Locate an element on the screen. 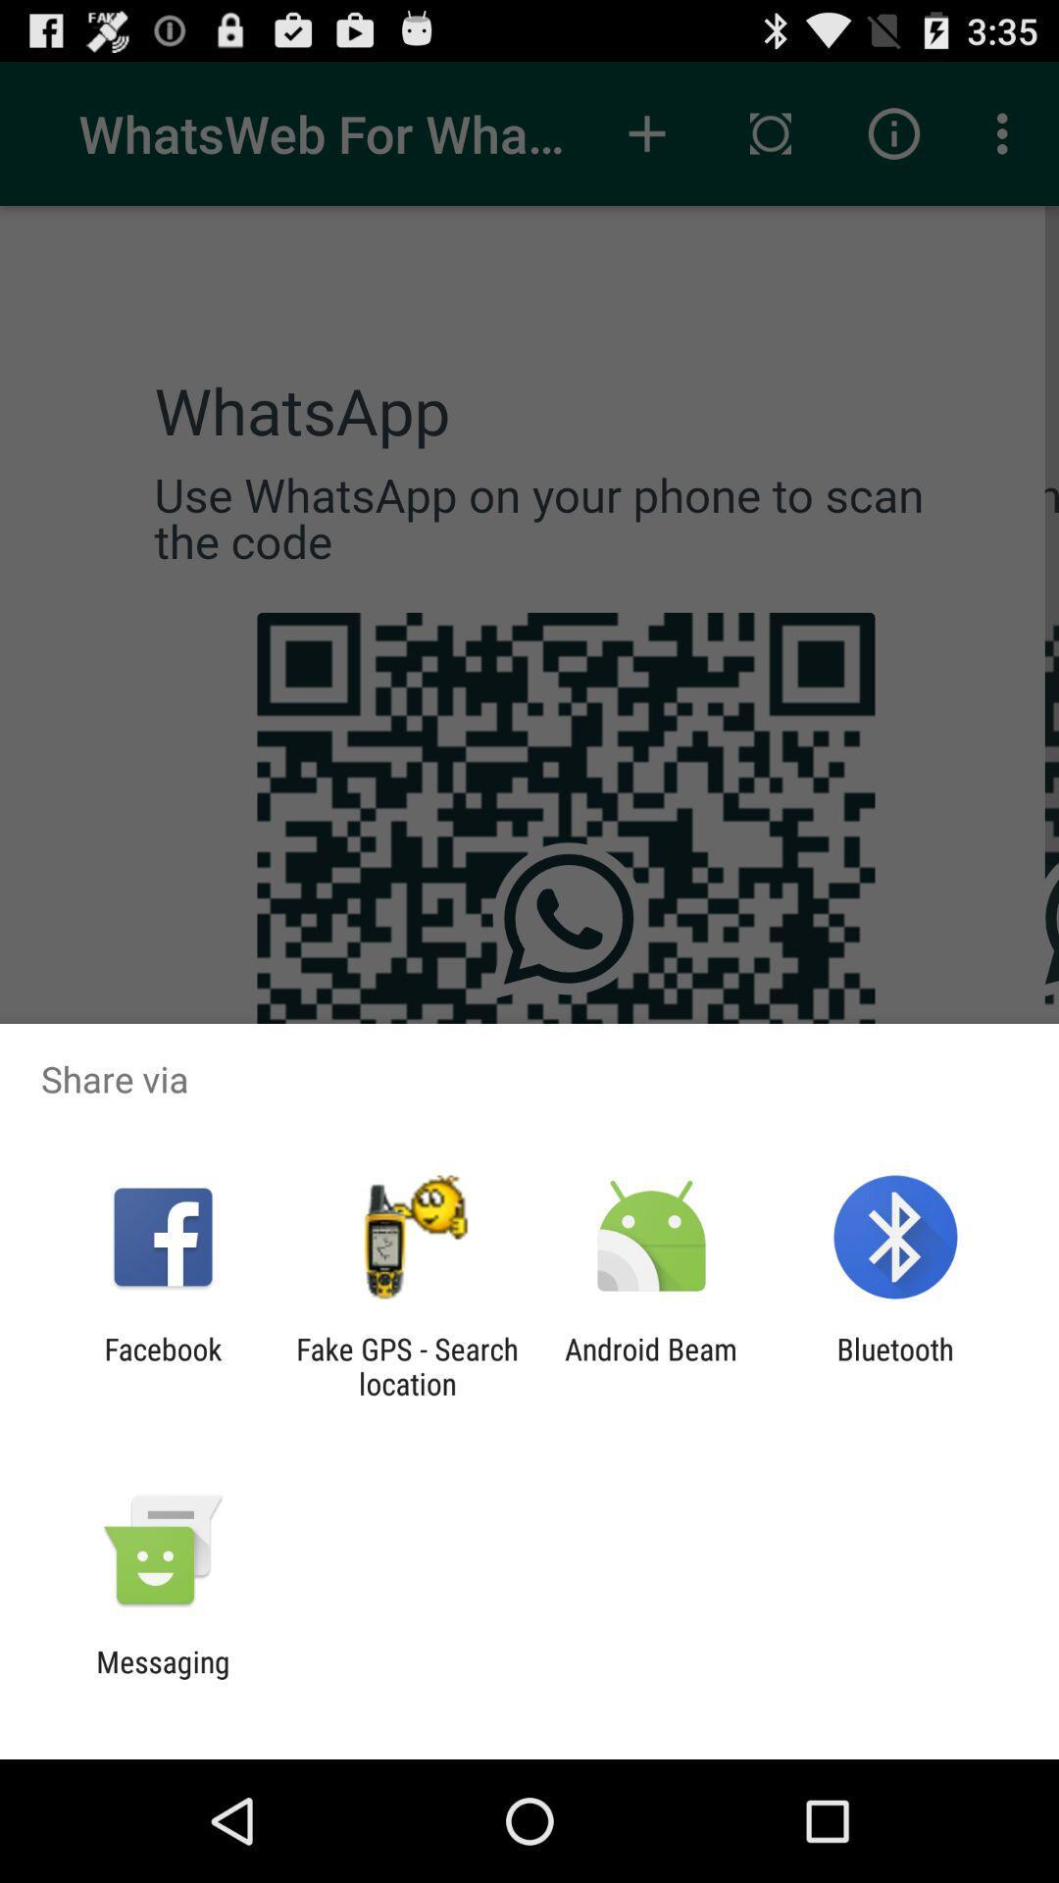 This screenshot has height=1883, width=1059. the item to the right of android beam app is located at coordinates (895, 1365).